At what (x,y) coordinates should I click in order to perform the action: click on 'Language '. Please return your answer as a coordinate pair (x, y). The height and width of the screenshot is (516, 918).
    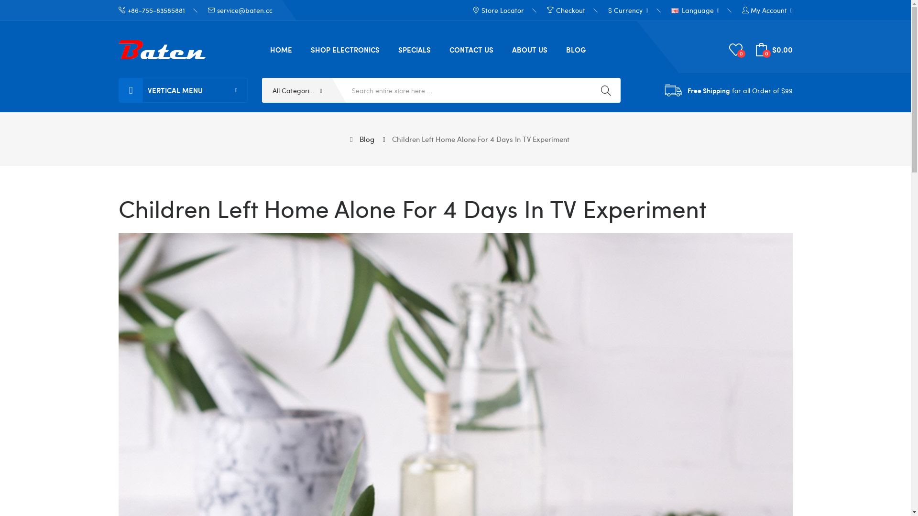
    Looking at the image, I should click on (670, 10).